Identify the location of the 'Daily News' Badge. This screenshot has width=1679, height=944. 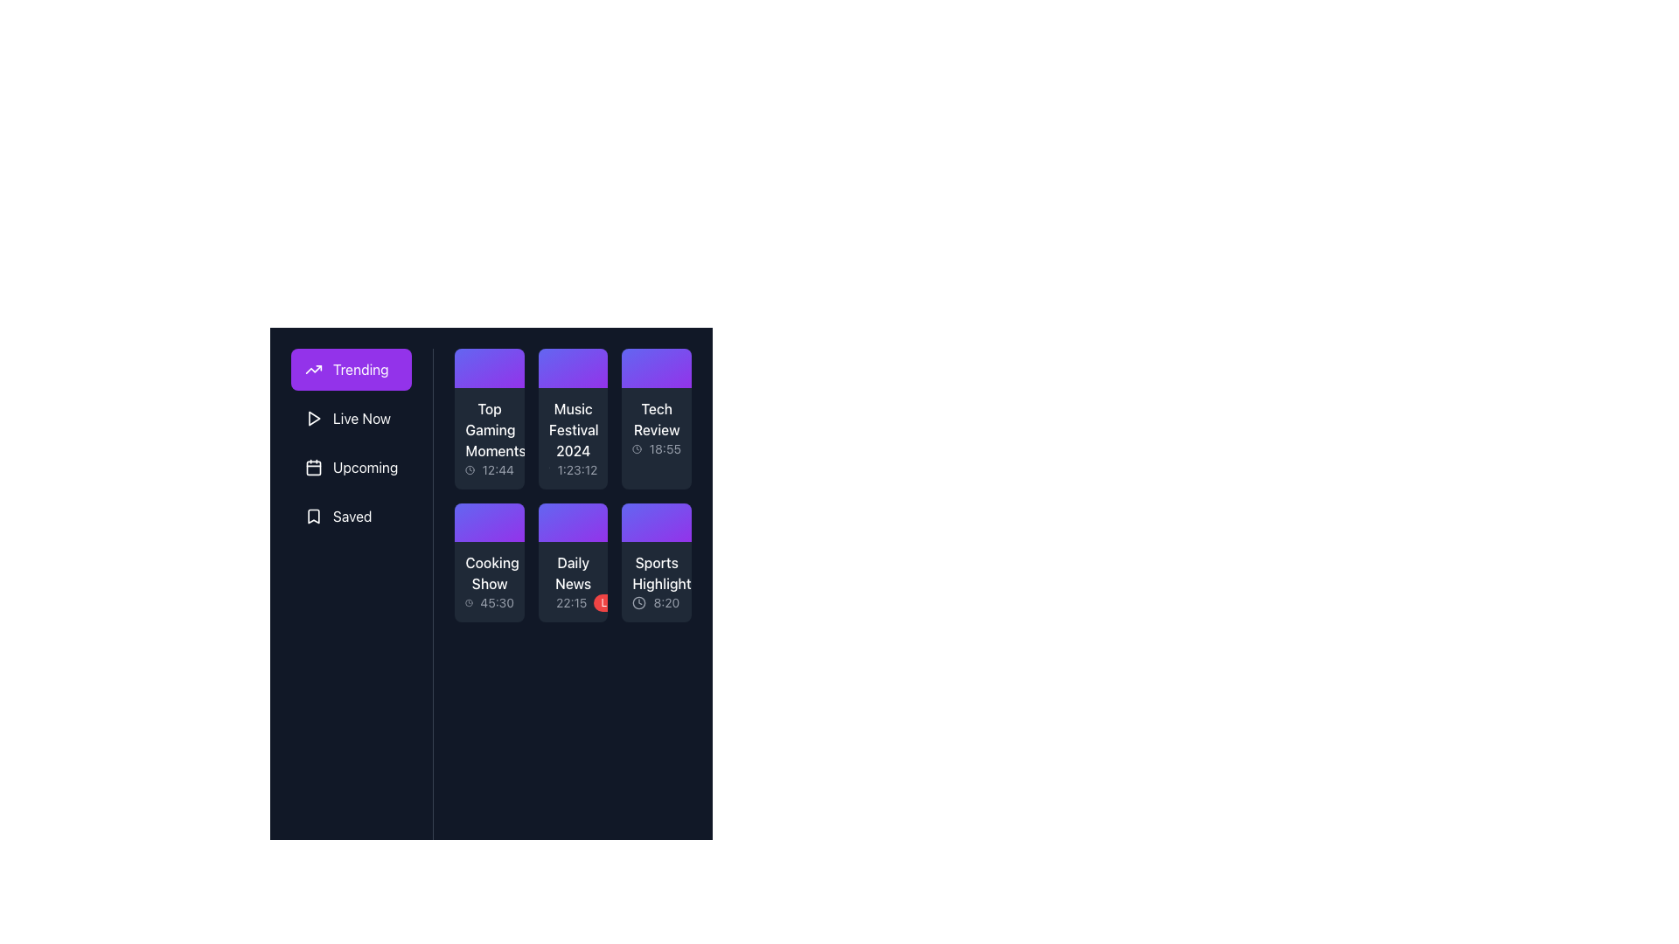
(612, 602).